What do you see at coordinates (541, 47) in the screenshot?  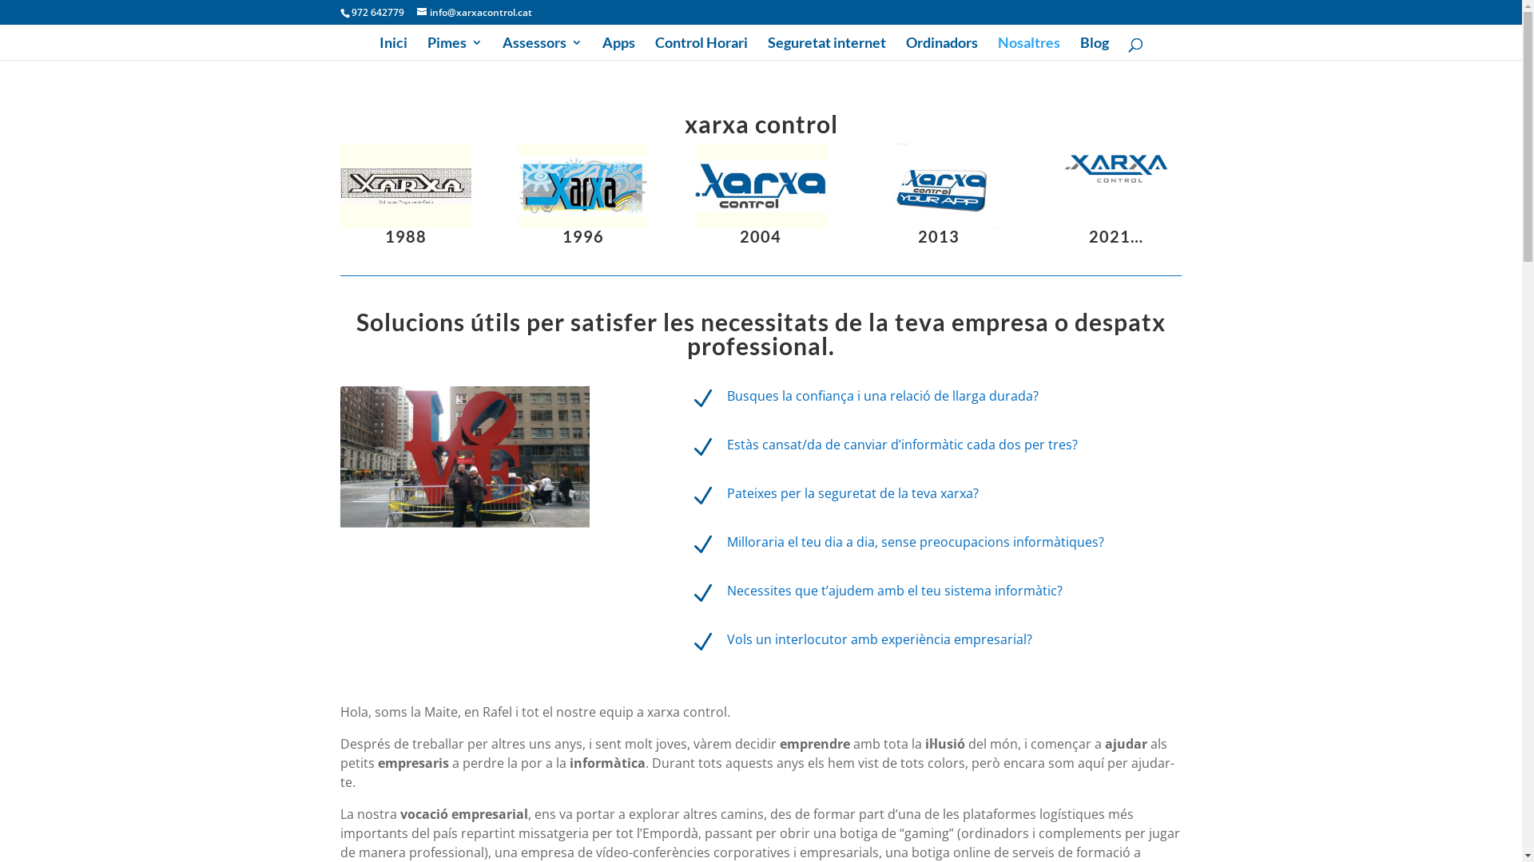 I see `'Assessors'` at bounding box center [541, 47].